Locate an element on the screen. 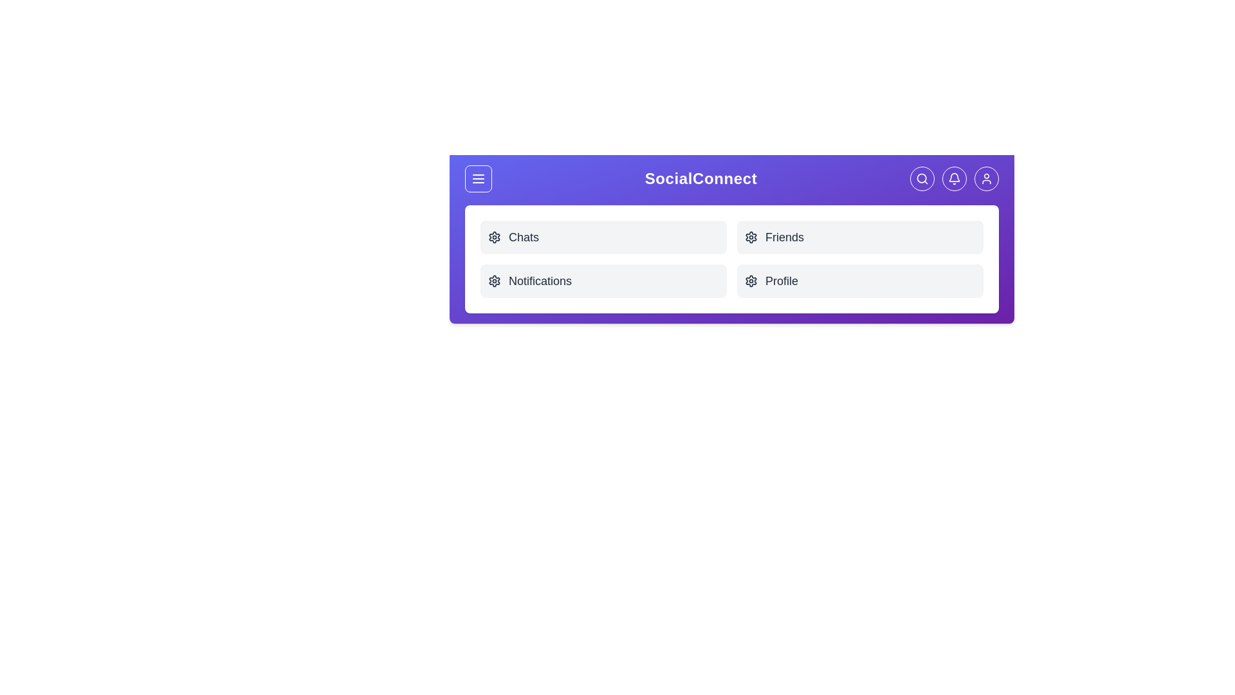 The width and height of the screenshot is (1235, 695). the menu item labeled Friends to access its functionality is located at coordinates (860, 237).